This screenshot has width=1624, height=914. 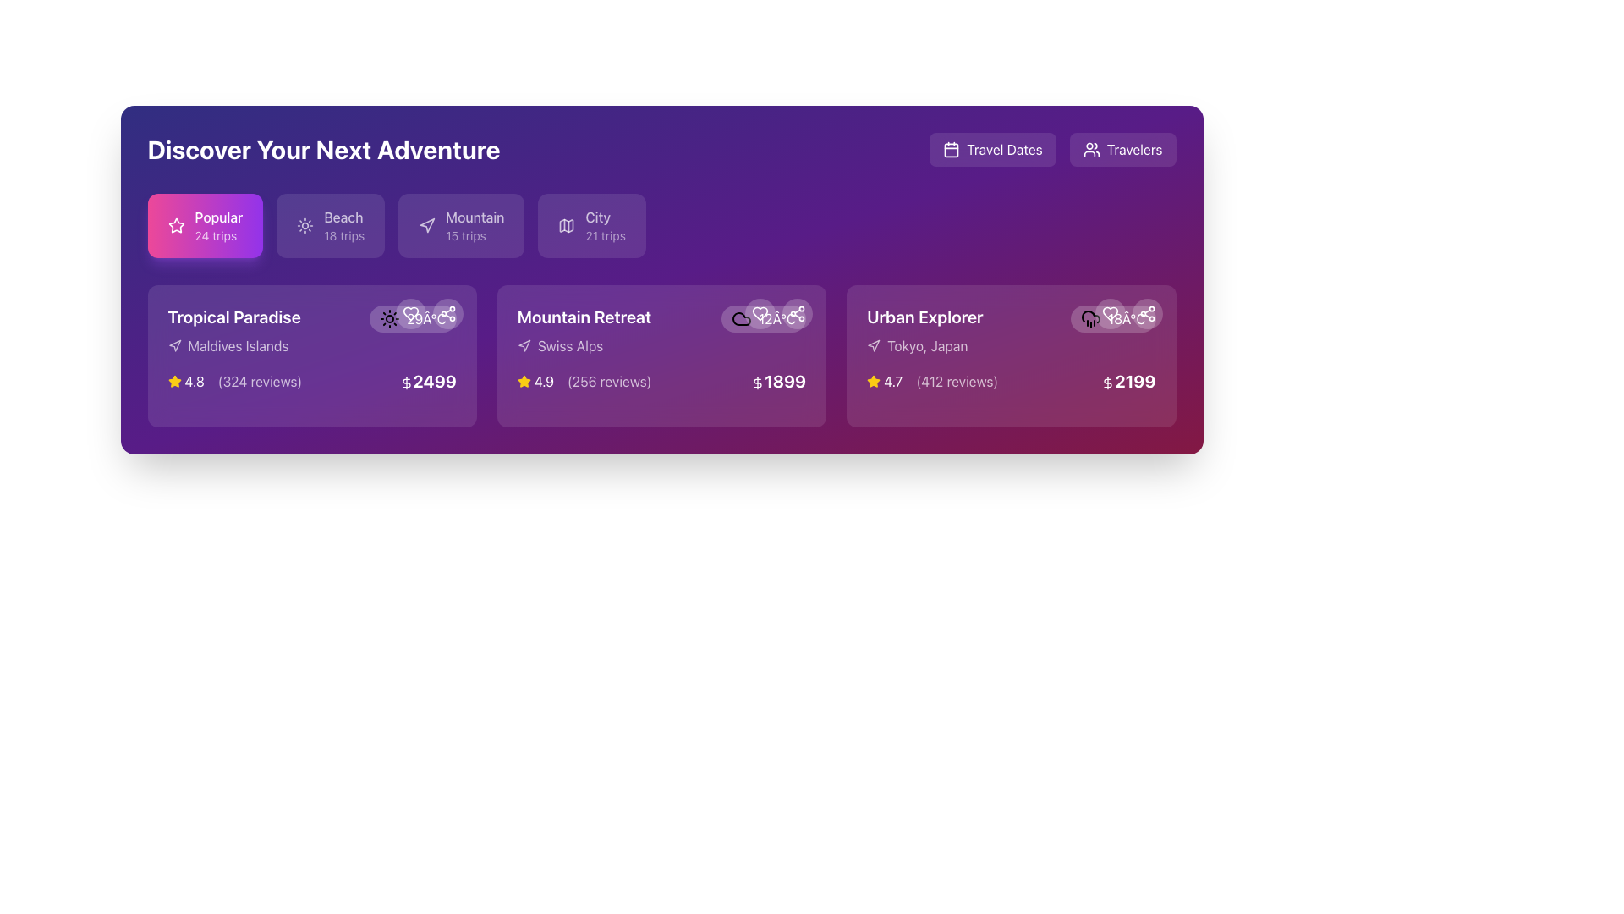 I want to click on the informational component displaying a yellow star icon, rating '4.8', and review count '(324 reviews)' located beneath the destination name 'Maldives Islands' in the 'Tropical Paradise' card, so click(x=233, y=382).